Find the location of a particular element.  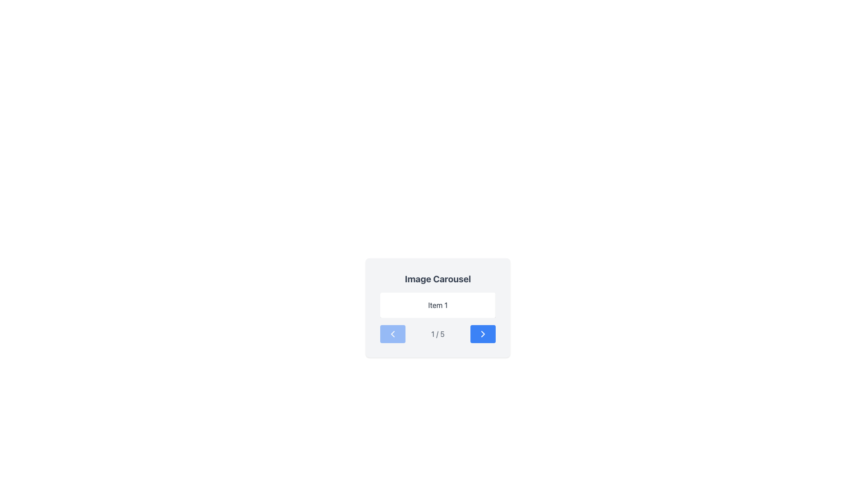

the static text label that indicates the currently displayed item in the carousel, located below the 'Image Carousel' label and above the navigation controls is located at coordinates (438, 305).